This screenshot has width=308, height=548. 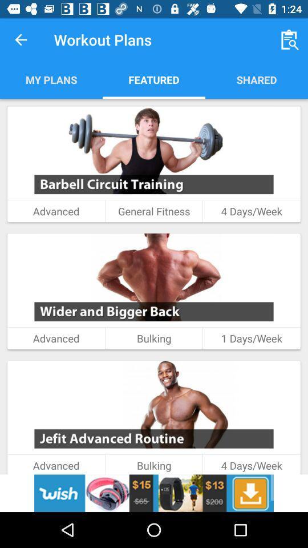 I want to click on advertisement, so click(x=154, y=493).